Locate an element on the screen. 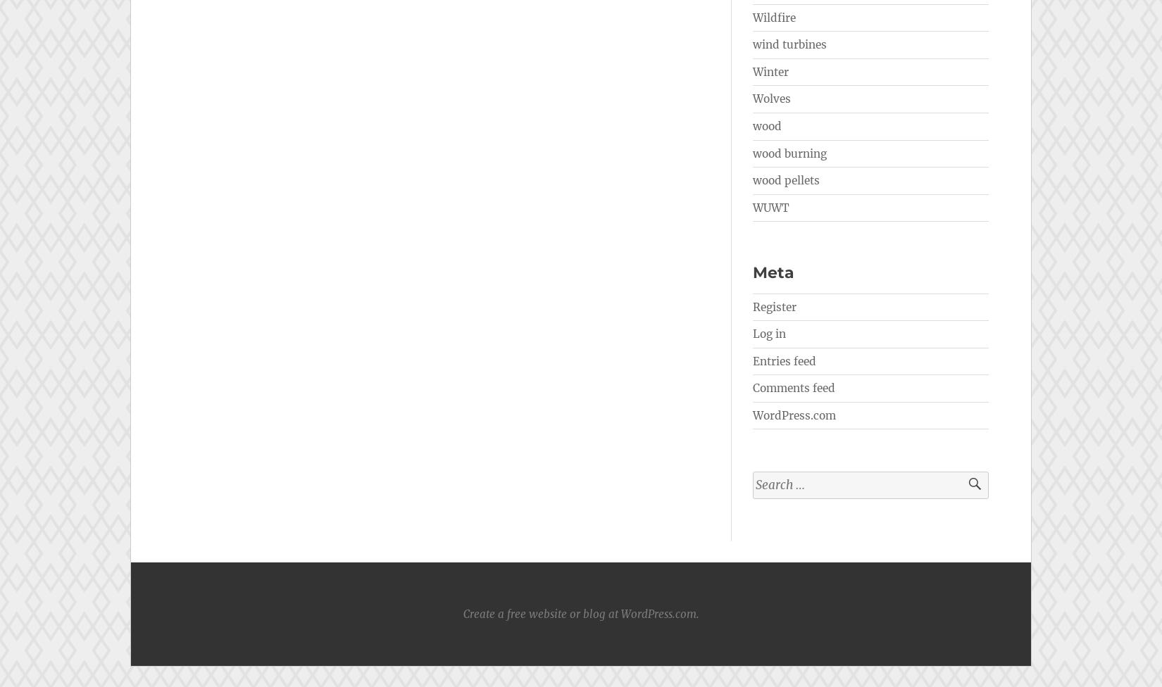 The width and height of the screenshot is (1162, 687). 'wood burning' is located at coordinates (789, 152).